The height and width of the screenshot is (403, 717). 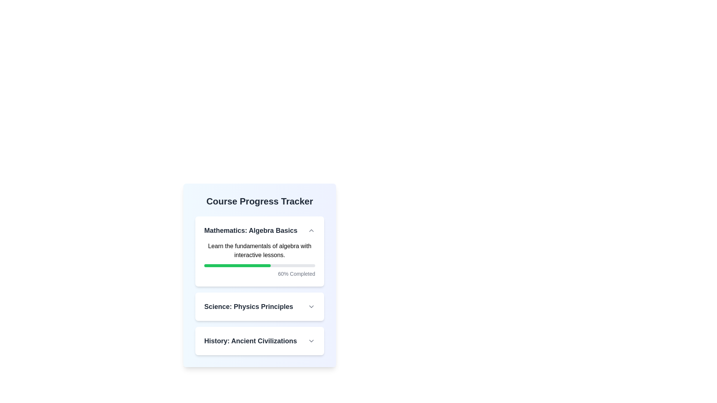 I want to click on the non-interactive text label that serves as a title indicating 'History: Ancient Civilizations' within the Course Progress Tracker interface, so click(x=251, y=341).